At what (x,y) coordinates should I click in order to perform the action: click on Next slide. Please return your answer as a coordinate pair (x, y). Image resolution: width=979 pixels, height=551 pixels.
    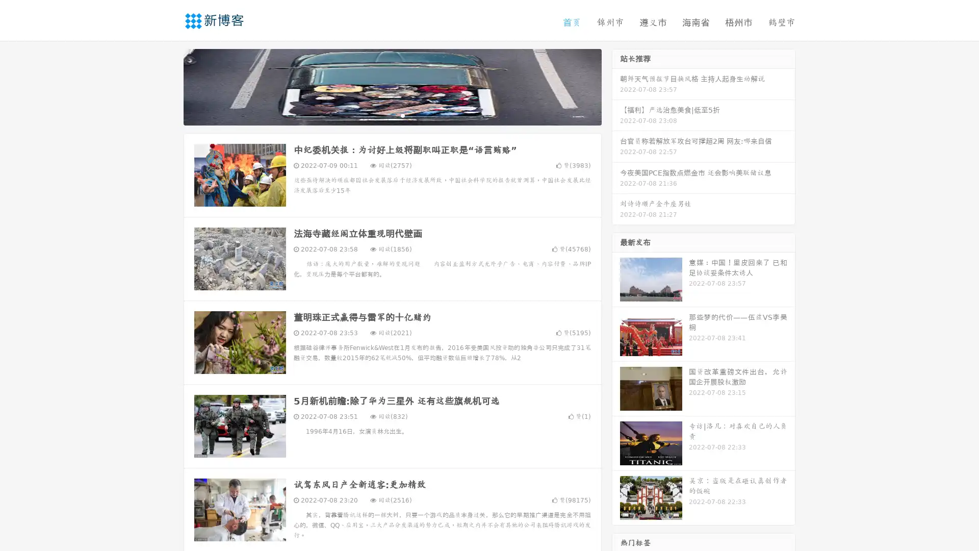
    Looking at the image, I should click on (616, 86).